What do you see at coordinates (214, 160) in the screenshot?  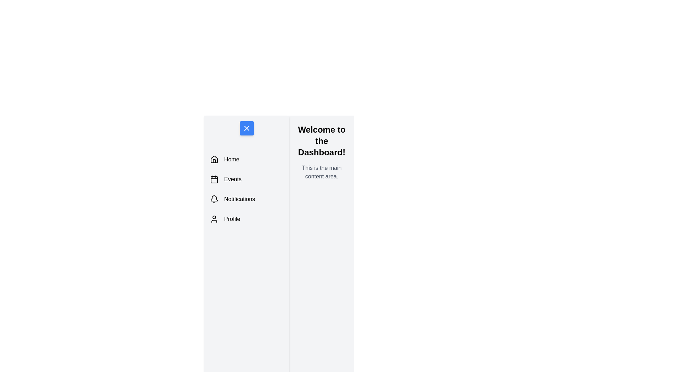 I see `the home icon located at the top left of the sidebar menu` at bounding box center [214, 160].